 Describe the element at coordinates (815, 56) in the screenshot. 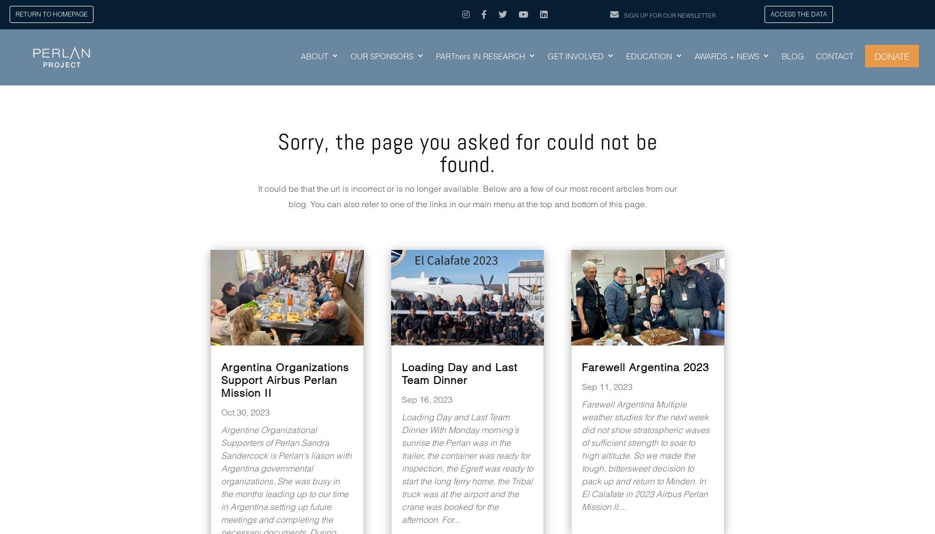

I see `'CONTACT'` at that location.